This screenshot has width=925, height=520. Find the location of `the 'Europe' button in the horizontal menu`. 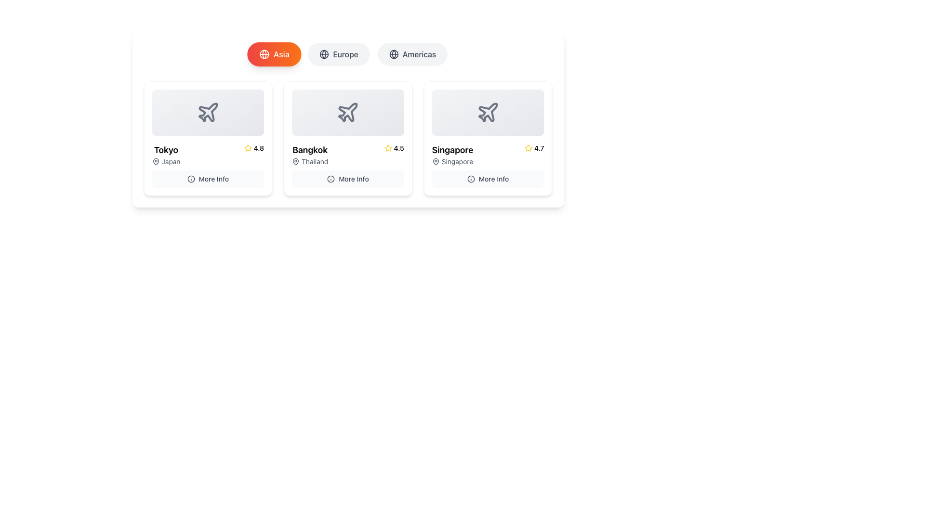

the 'Europe' button in the horizontal menu is located at coordinates (347, 54).